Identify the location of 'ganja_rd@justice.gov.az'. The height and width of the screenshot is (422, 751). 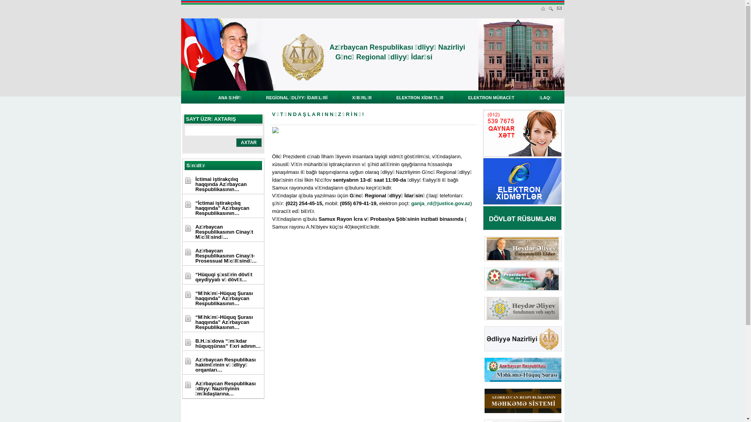
(440, 203).